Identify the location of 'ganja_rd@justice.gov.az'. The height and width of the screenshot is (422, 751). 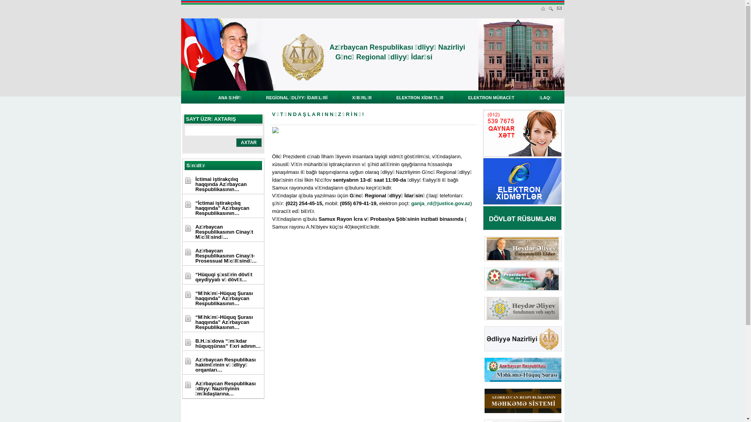
(440, 203).